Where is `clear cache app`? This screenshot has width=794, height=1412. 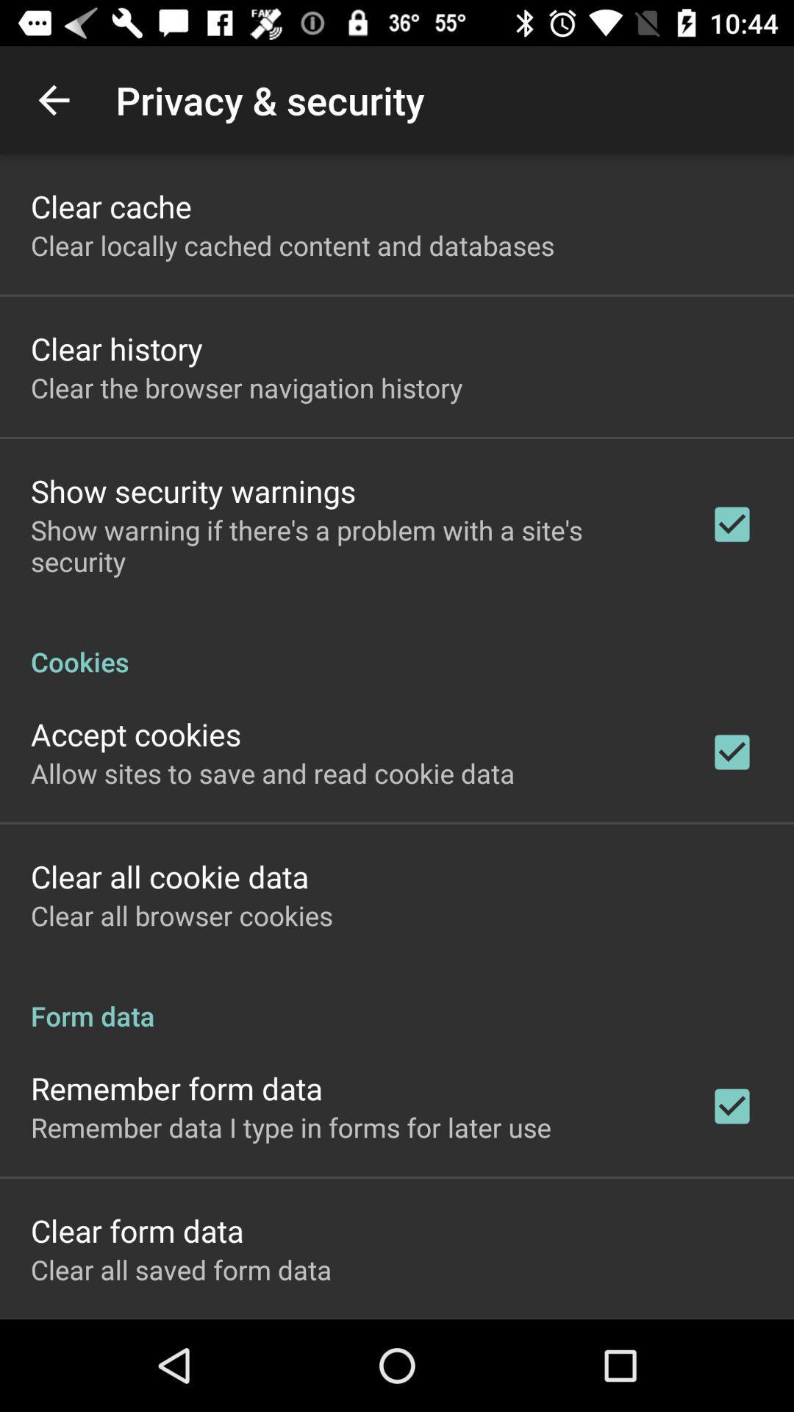 clear cache app is located at coordinates (110, 205).